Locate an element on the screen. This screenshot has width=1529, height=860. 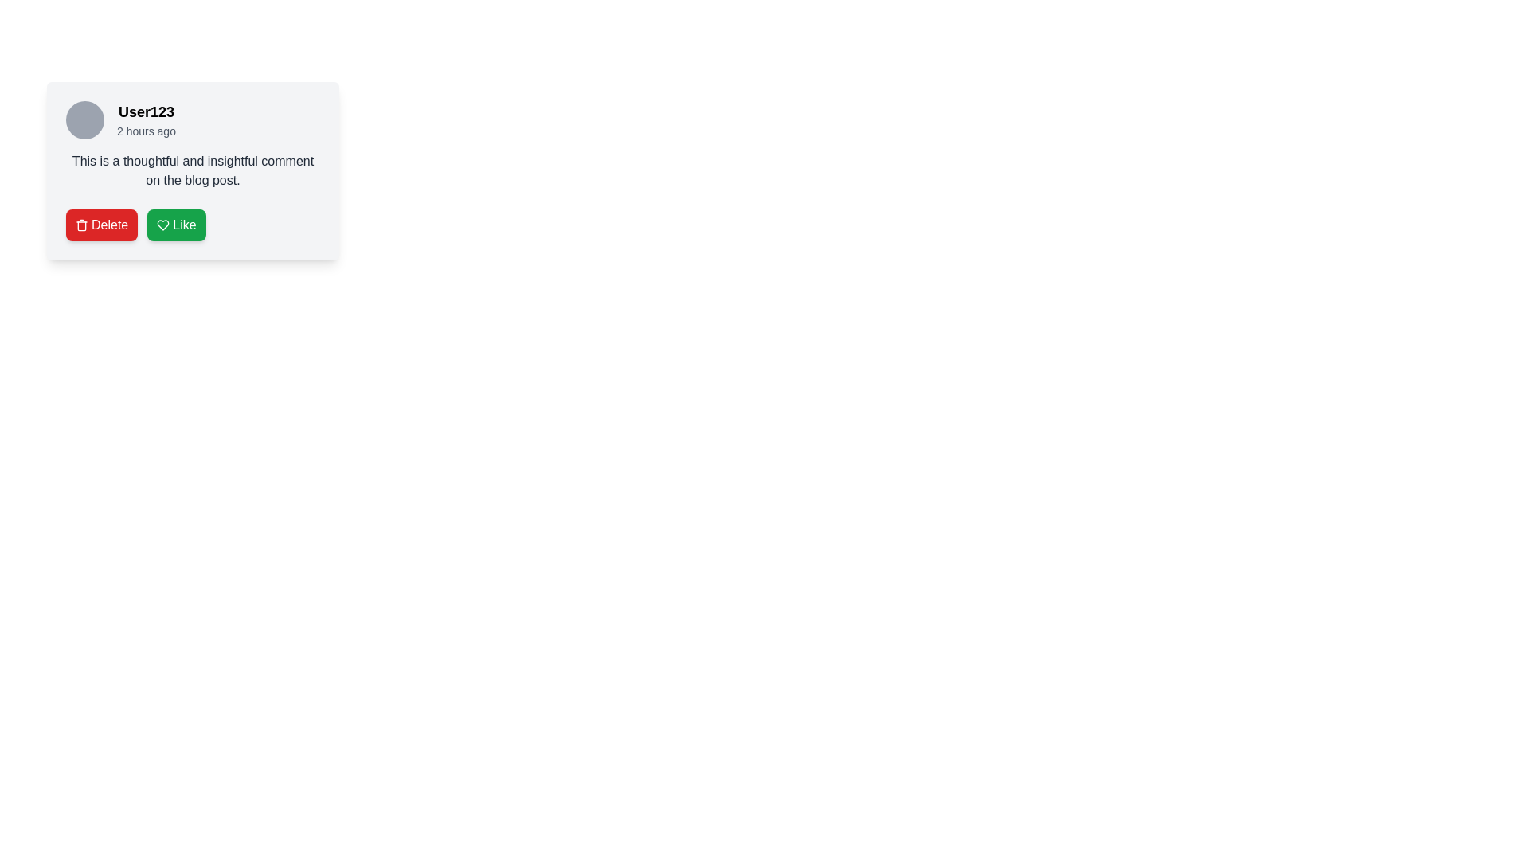
relative timestamp text located below the username 'User123' in the user comment section to gather contextual timing information is located at coordinates (146, 131).